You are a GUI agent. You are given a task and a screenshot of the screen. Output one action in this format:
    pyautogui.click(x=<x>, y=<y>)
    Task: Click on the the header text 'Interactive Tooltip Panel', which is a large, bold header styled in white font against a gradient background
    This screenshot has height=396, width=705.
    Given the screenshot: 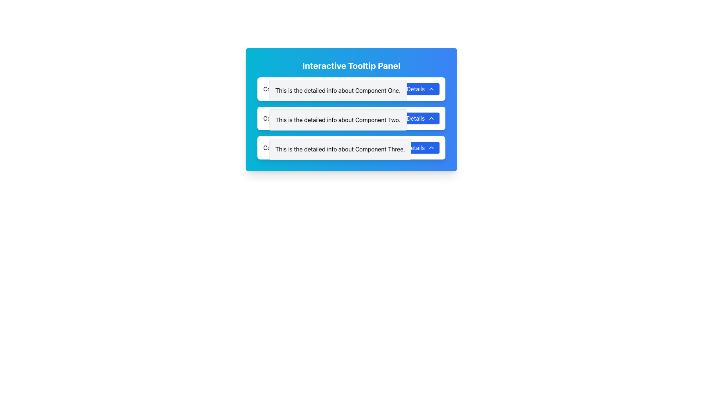 What is the action you would take?
    pyautogui.click(x=351, y=65)
    